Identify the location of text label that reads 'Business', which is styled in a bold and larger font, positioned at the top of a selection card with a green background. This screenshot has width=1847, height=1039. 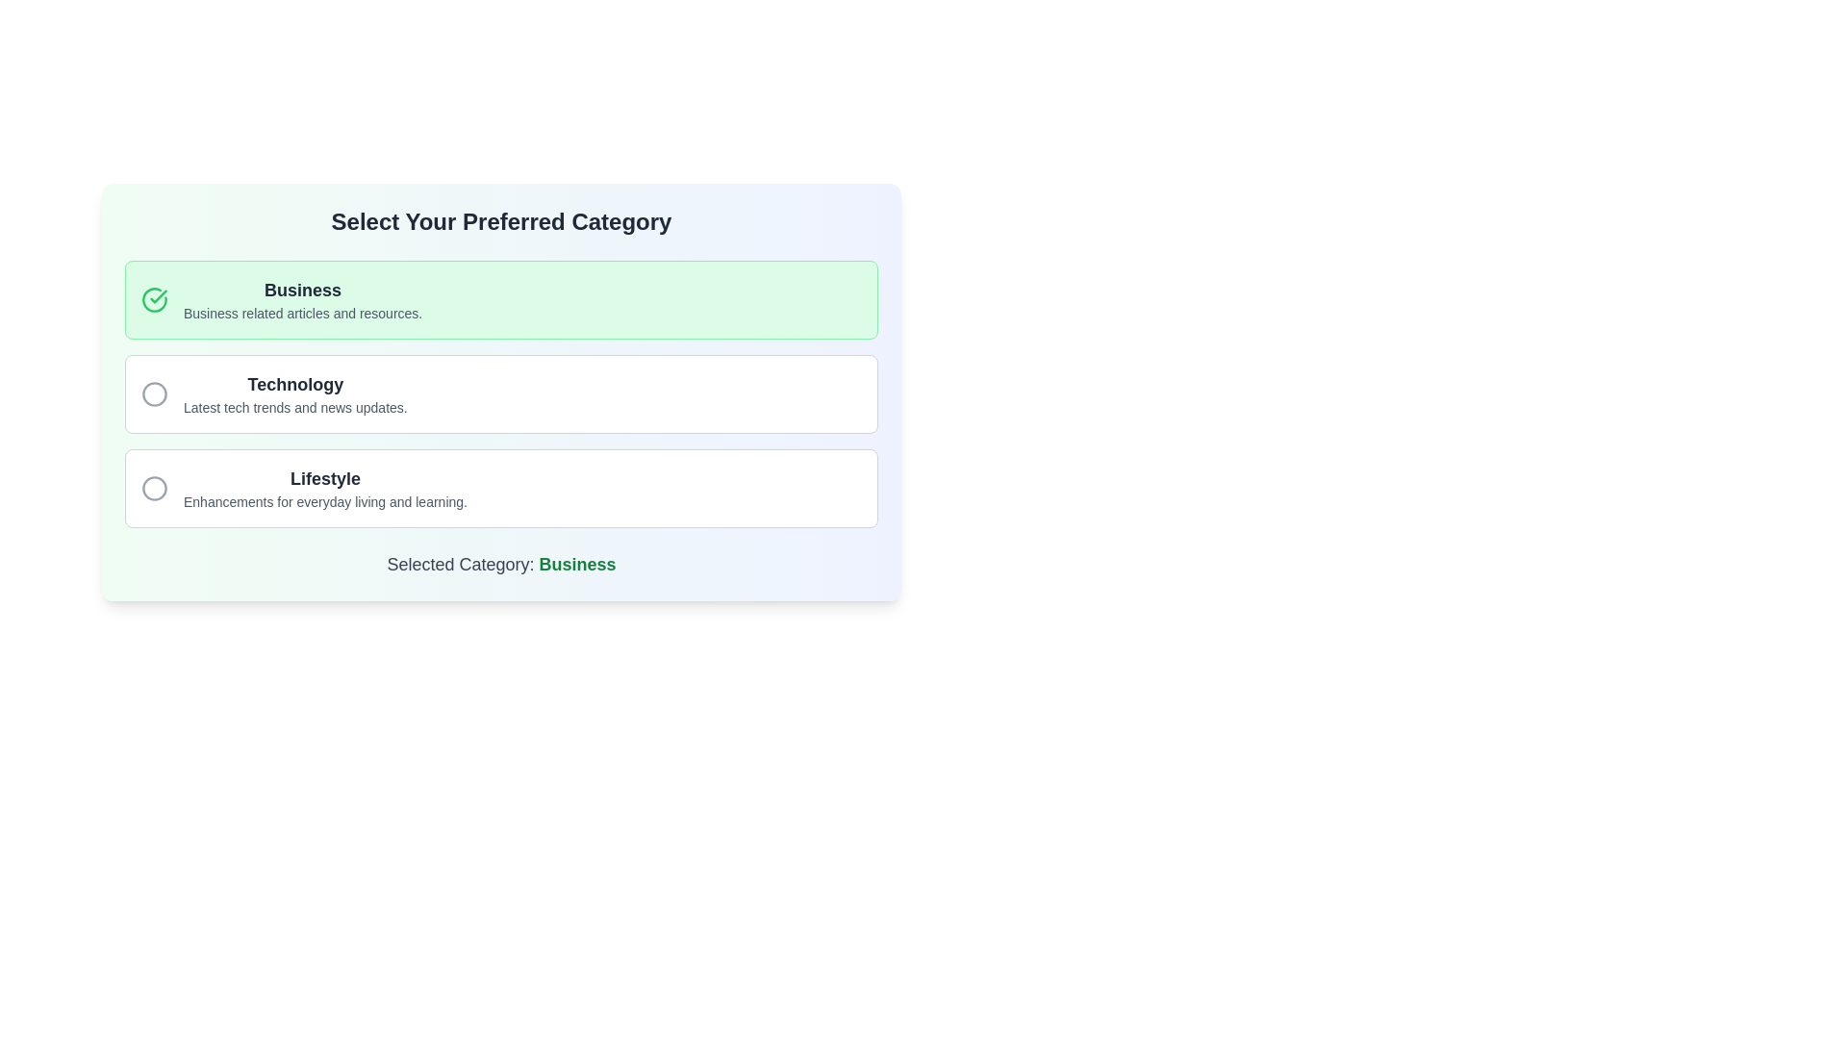
(302, 290).